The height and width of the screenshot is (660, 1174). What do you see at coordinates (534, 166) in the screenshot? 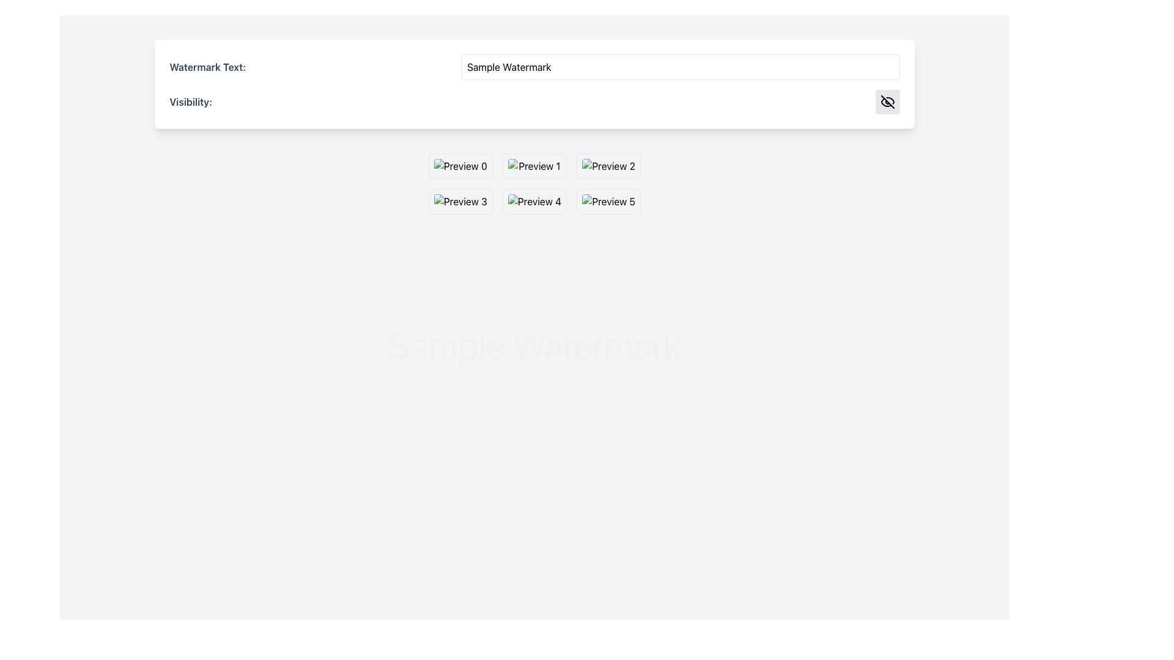
I see `the Interactive Thumbnail, which is the second item in a grid of clickable items` at bounding box center [534, 166].